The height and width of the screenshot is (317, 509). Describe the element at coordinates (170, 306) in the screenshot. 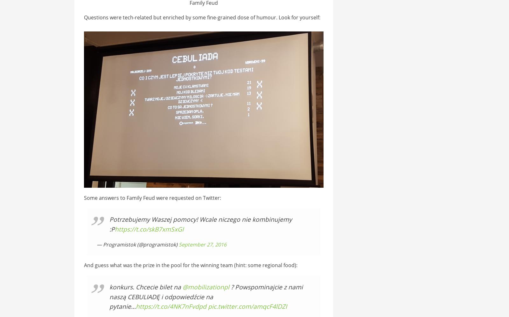

I see `'https://t.co/4NK7nFvdpd'` at that location.